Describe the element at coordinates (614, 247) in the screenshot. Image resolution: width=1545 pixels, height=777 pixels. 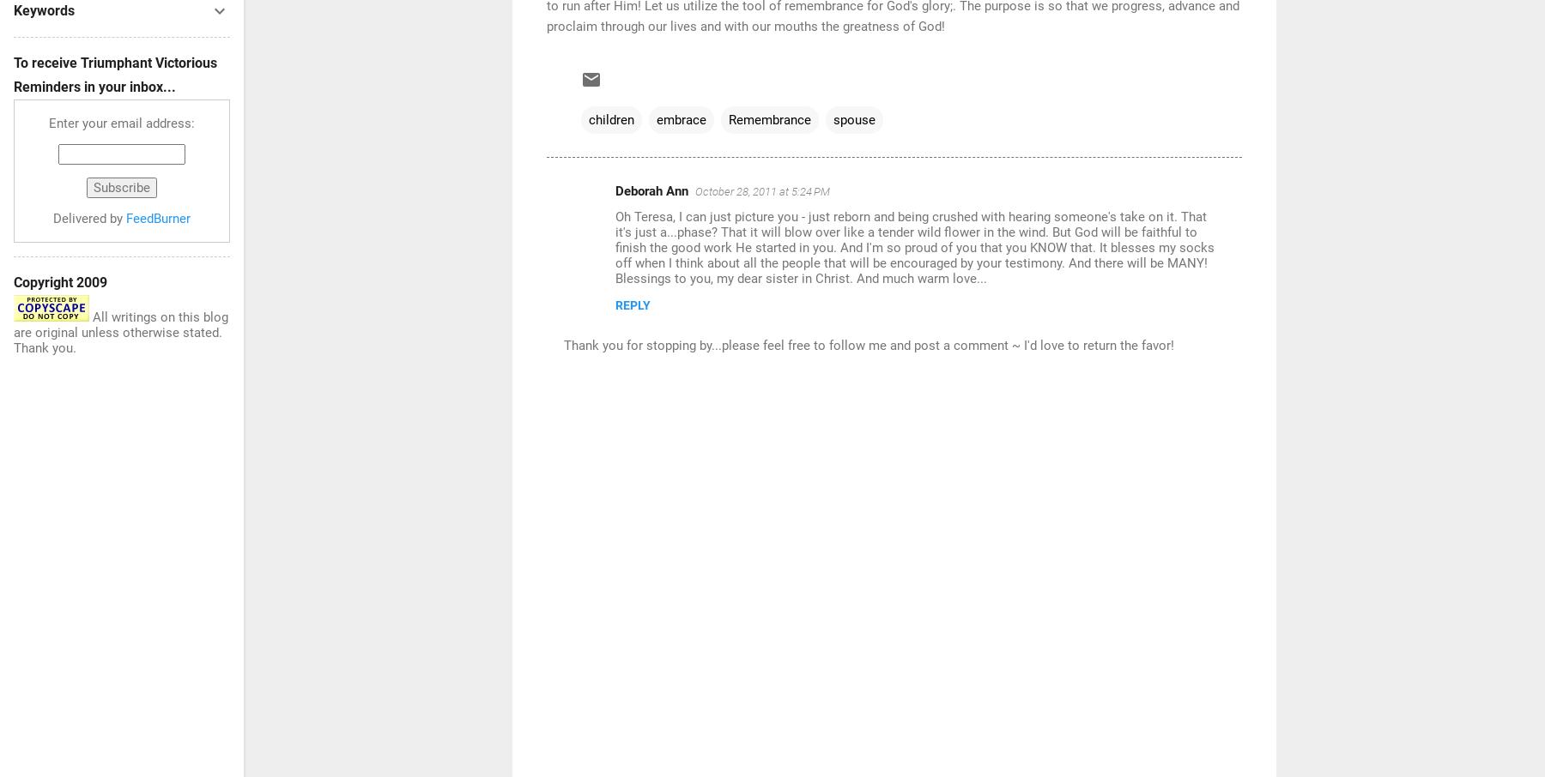
I see `'Oh Teresa, I can just picture you - just reborn and being crushed with hearing someone's take on it. That it's just a...phase? That it will blow over like a tender wild flower in the wind. But God will be faithful to finish the good work He started in you. And I'm so proud of you that you KNOW that. It blesses my socks off when I think about all the people that will be encouraged by your testimony. And there will be MANY! Blessings to you, my dear sister in Christ. And much warm love...'` at that location.